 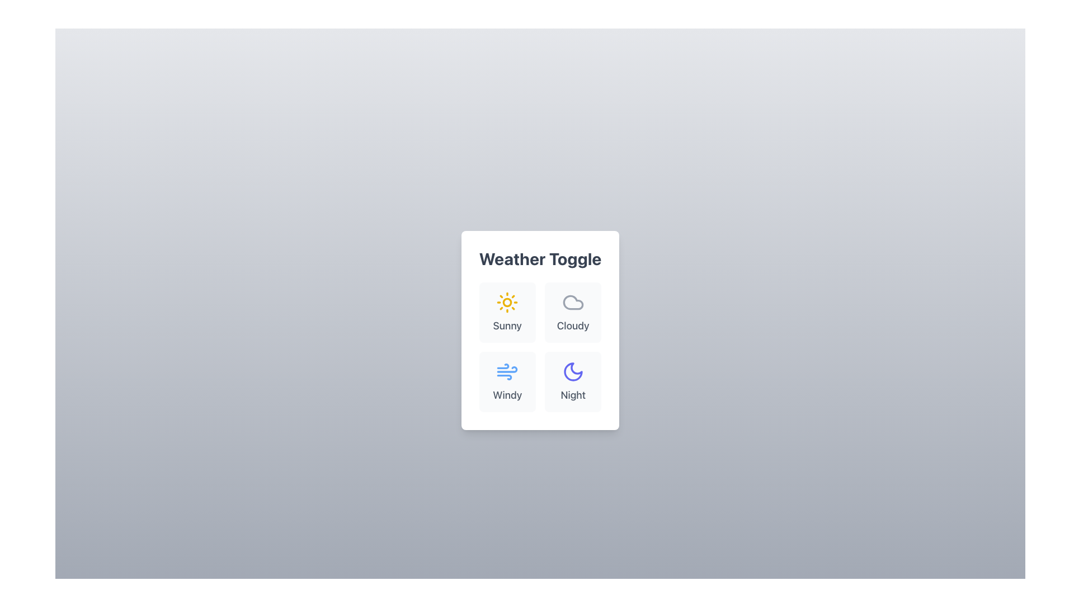 What do you see at coordinates (540, 258) in the screenshot?
I see `text from the 'Weather Toggle' label, which is styled in bold and large font, located at the top center of the card-like section` at bounding box center [540, 258].